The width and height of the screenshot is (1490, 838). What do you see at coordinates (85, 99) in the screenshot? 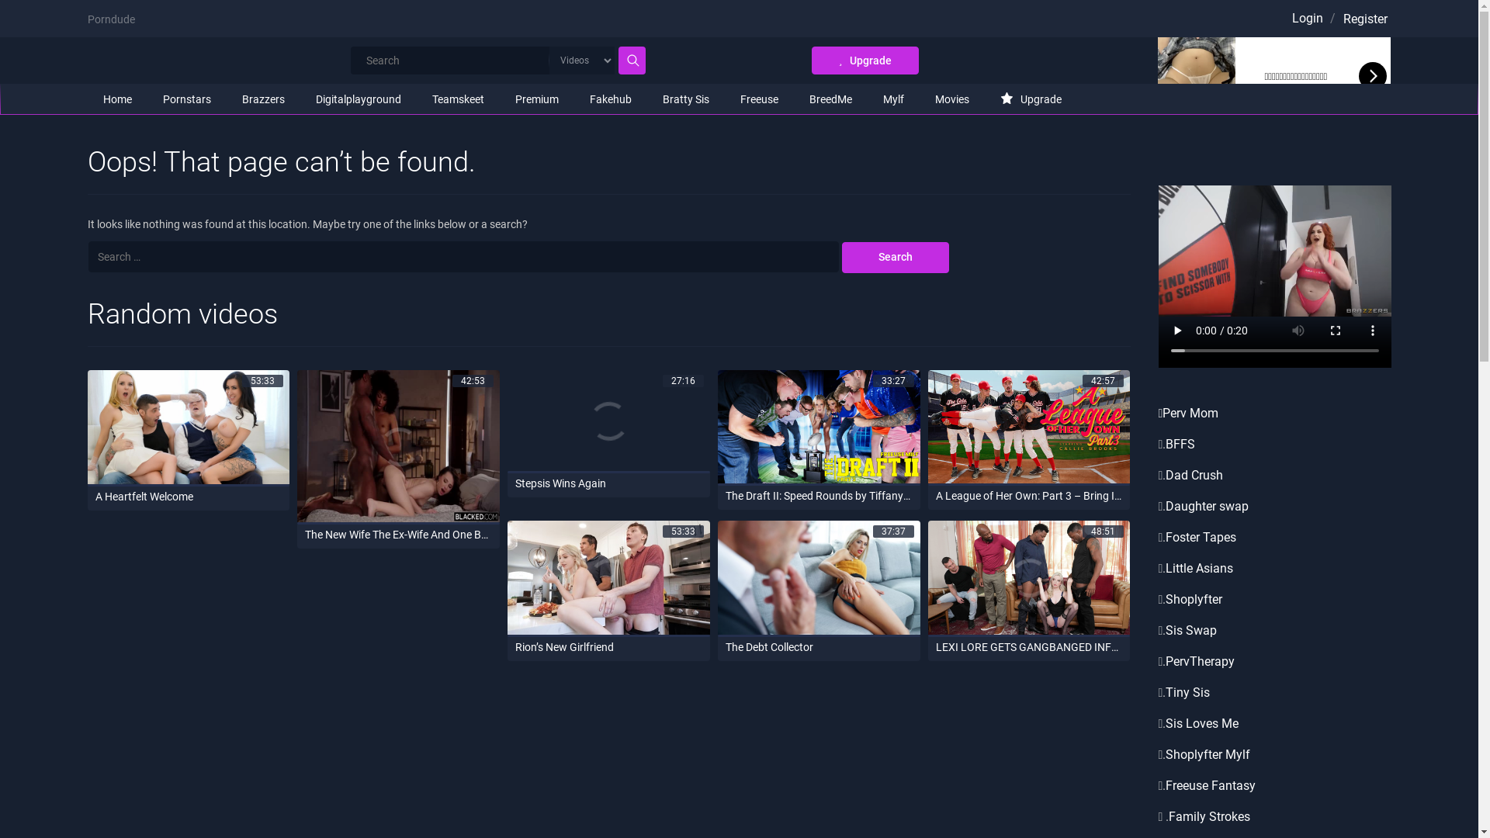
I see `'Home'` at bounding box center [85, 99].